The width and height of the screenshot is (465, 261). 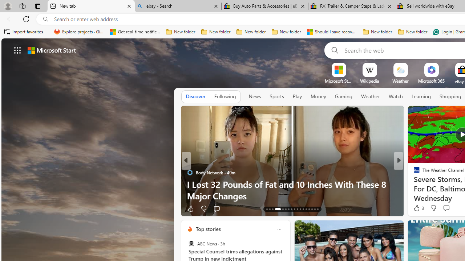 I want to click on 'Gaming', so click(x=343, y=96).